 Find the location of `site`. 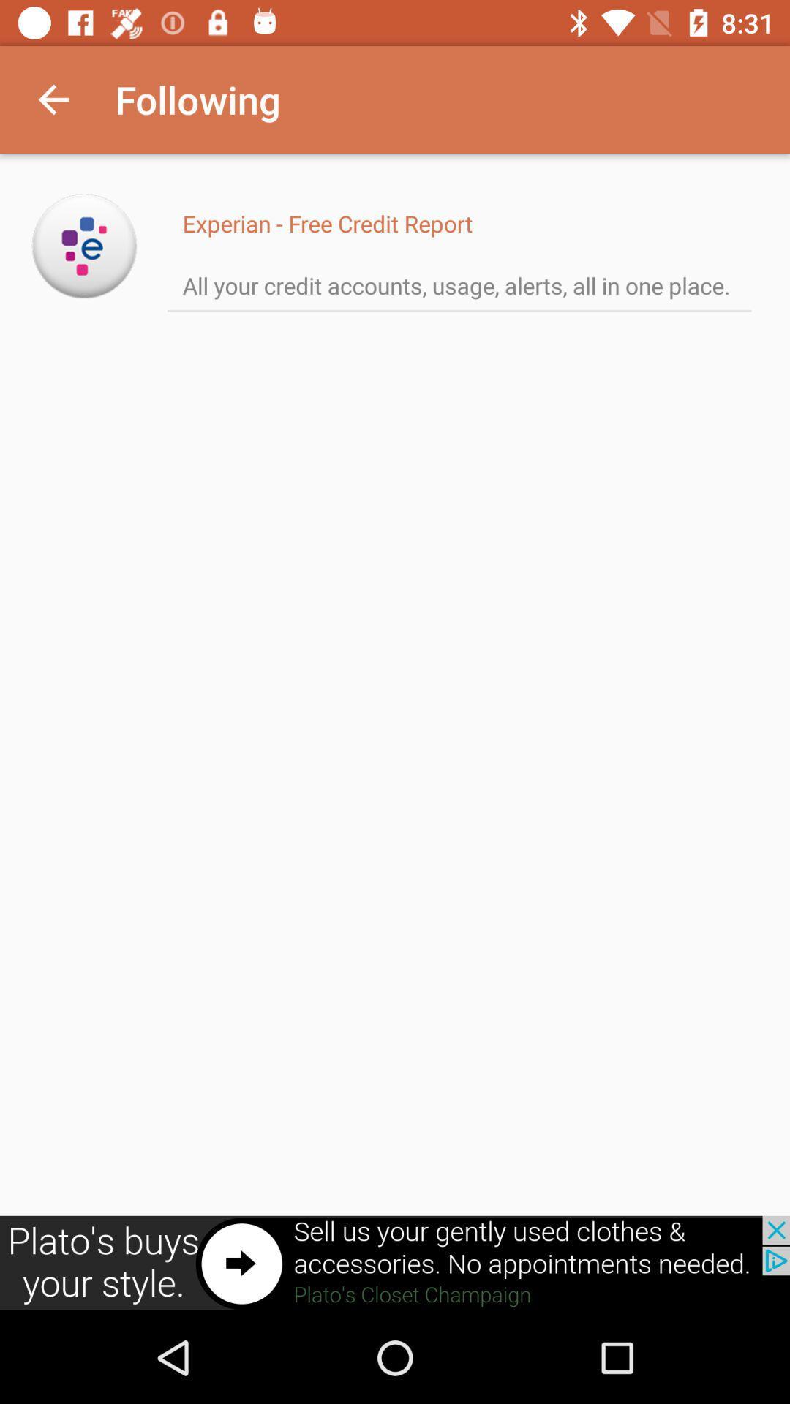

site is located at coordinates (84, 246).